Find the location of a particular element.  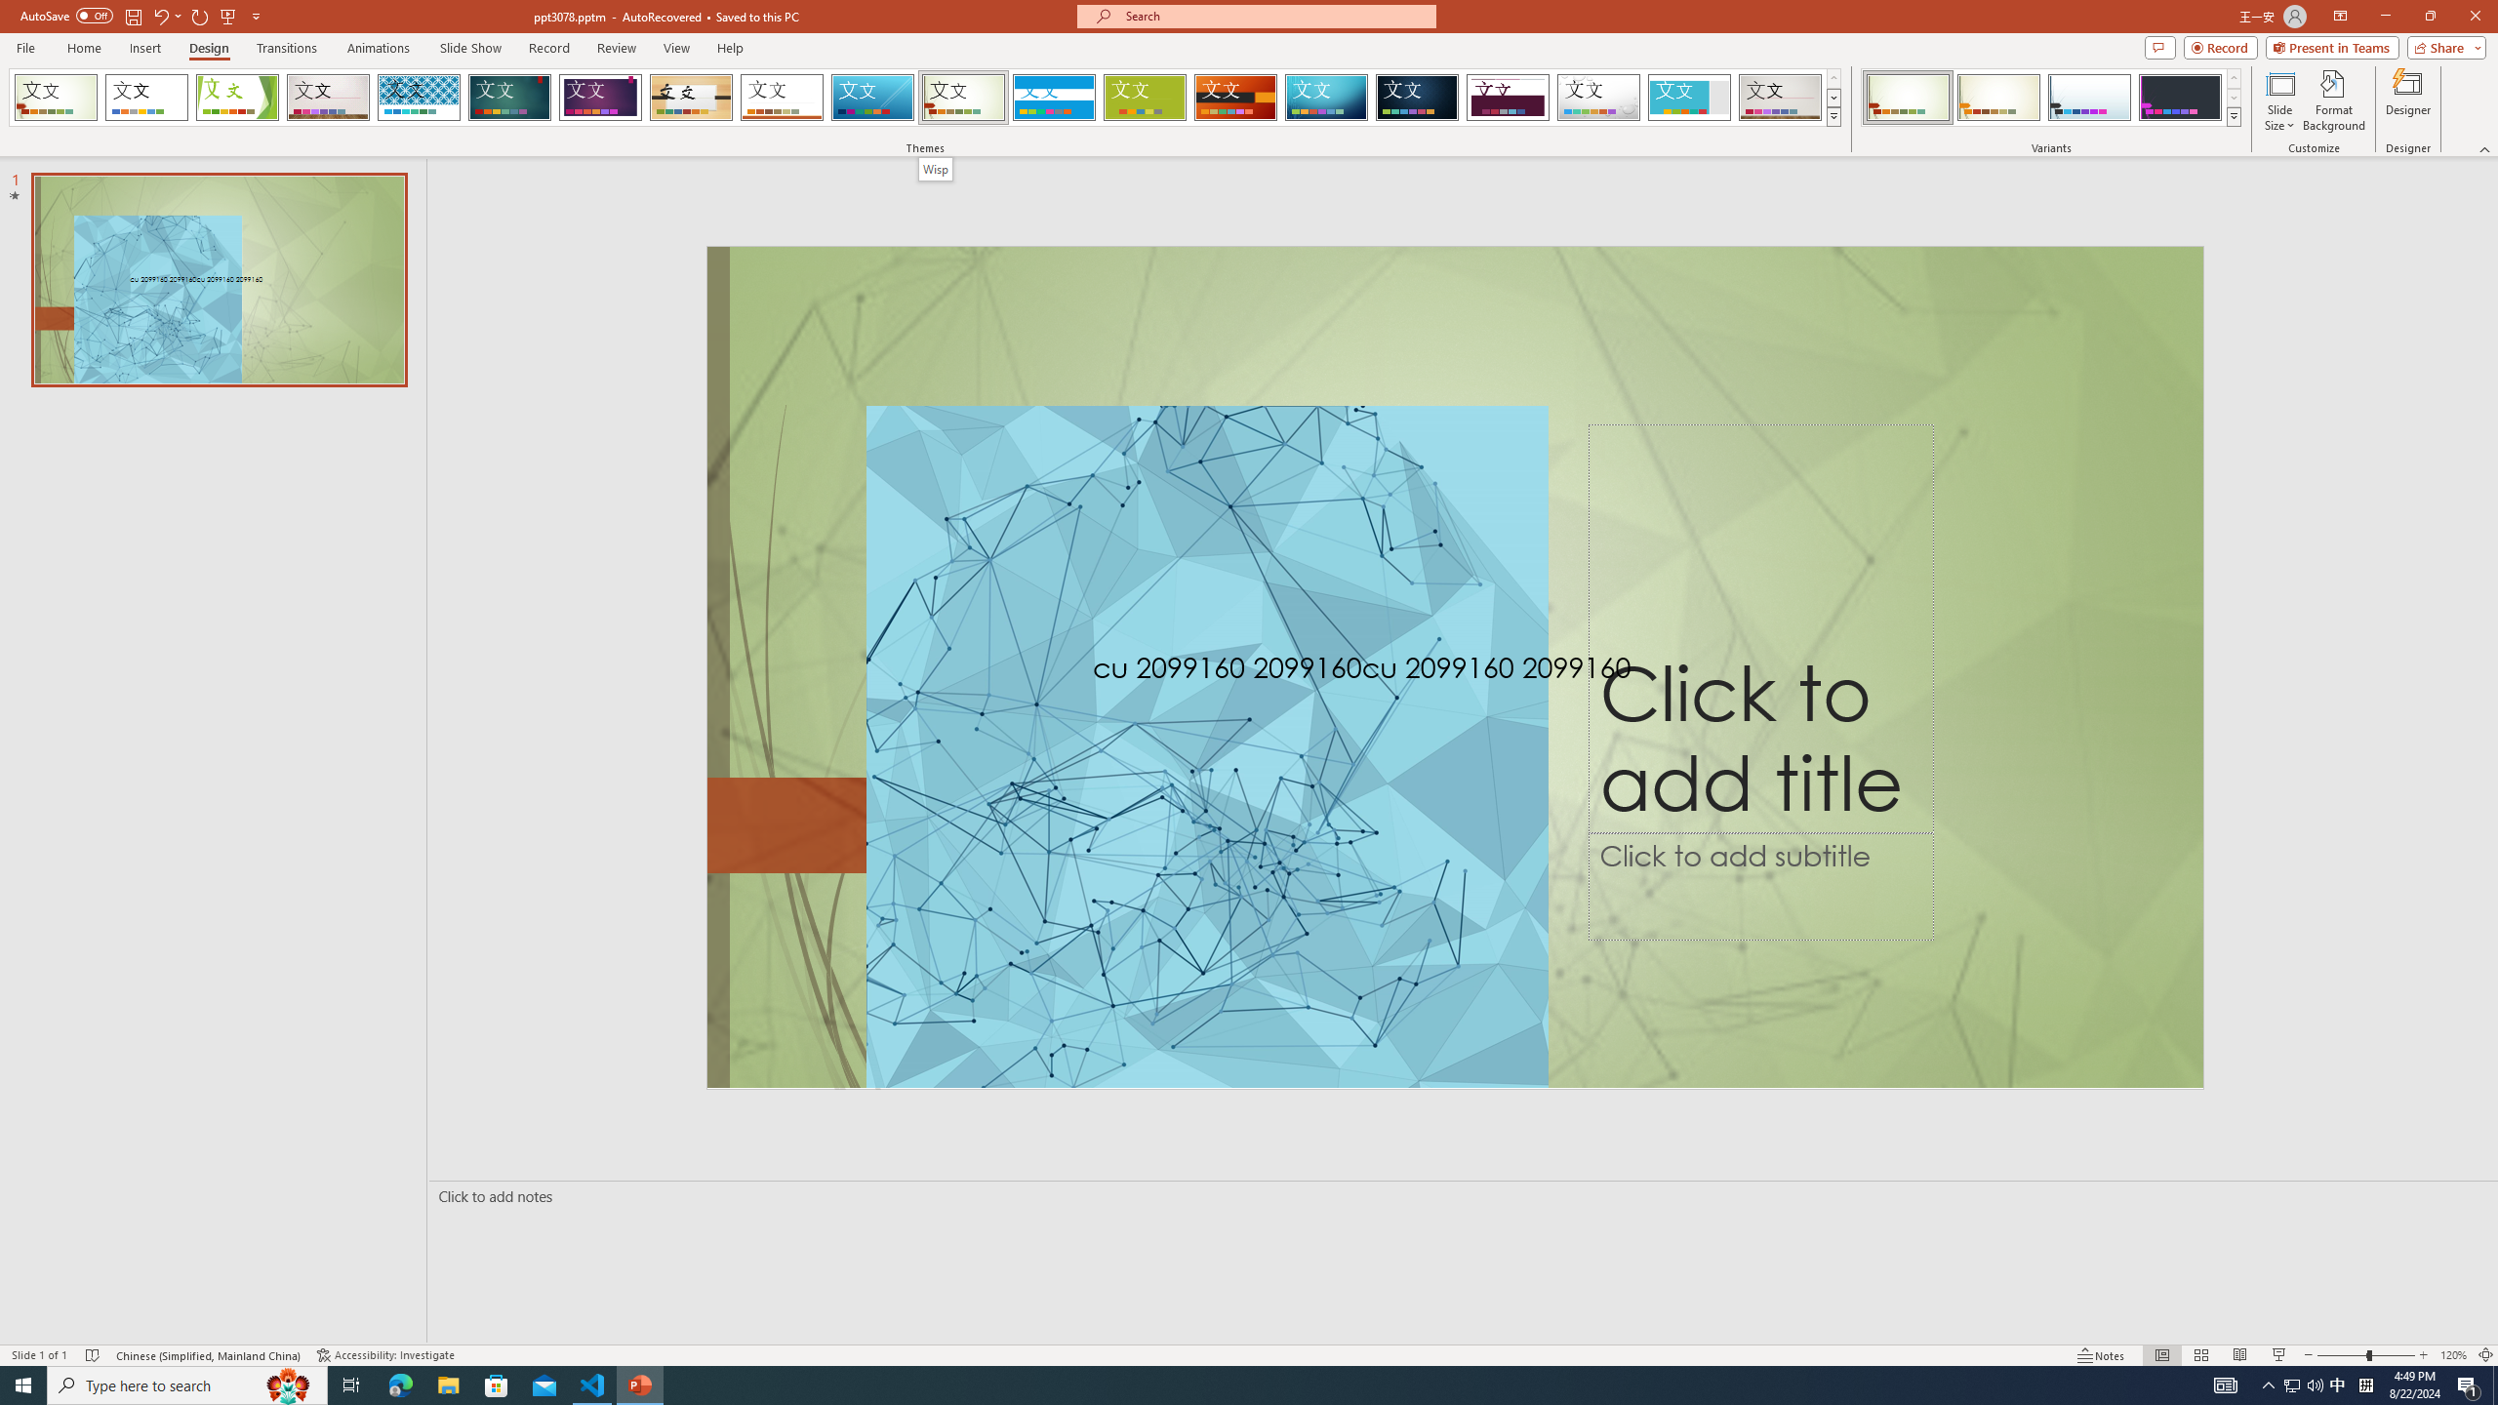

'Facet' is located at coordinates (236, 97).